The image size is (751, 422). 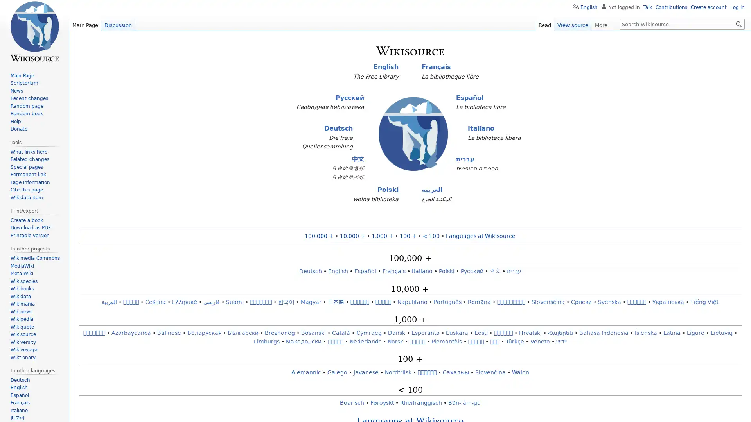 I want to click on Go, so click(x=738, y=23).